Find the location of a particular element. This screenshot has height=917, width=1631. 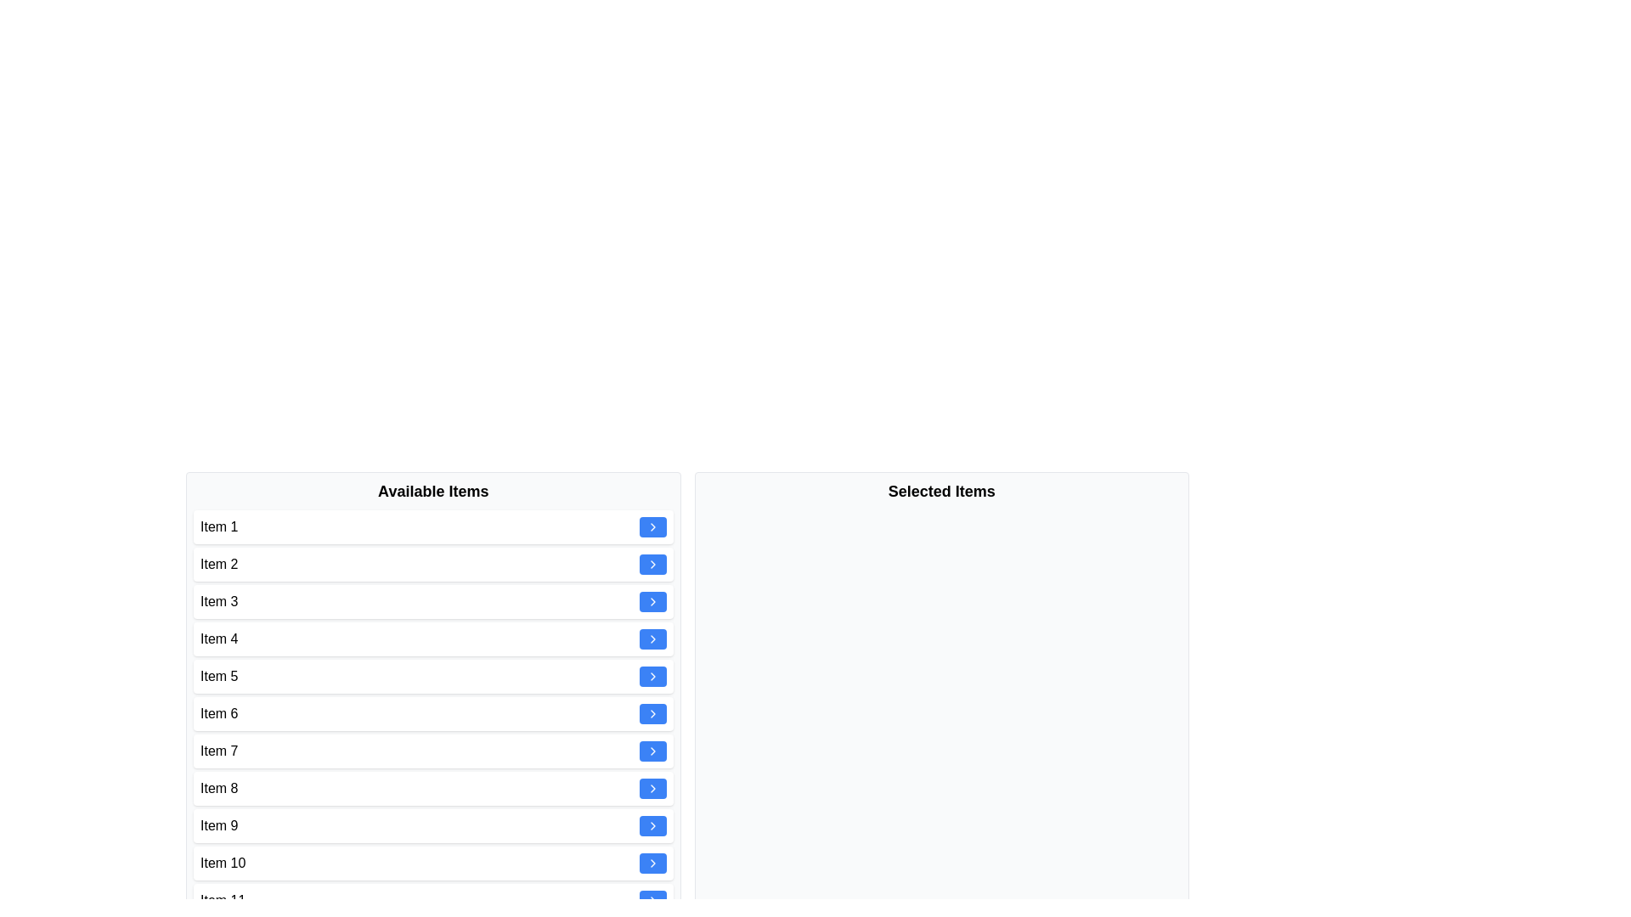

the button with an embedded chevron icon next to 'Item 4' is located at coordinates (652, 639).